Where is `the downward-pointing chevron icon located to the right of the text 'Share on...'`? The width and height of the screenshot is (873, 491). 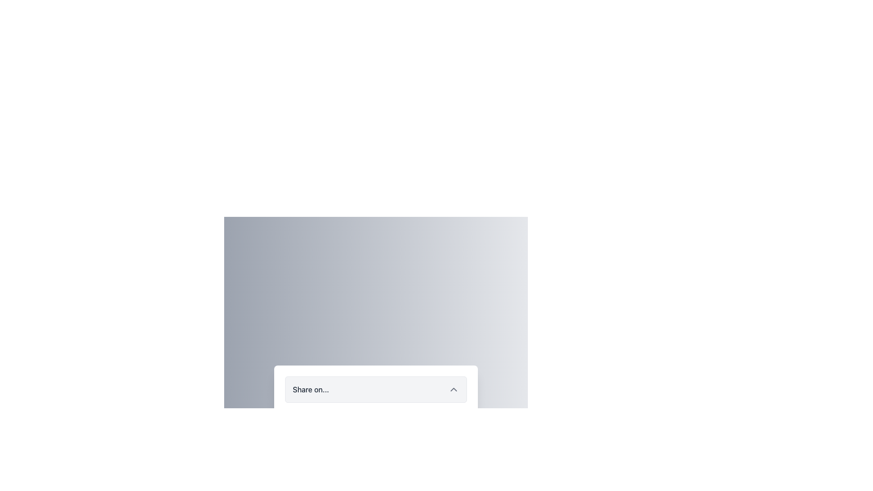
the downward-pointing chevron icon located to the right of the text 'Share on...' is located at coordinates (454, 389).